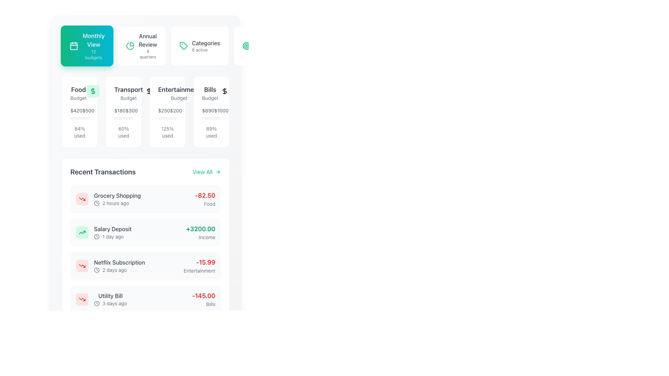  What do you see at coordinates (129, 98) in the screenshot?
I see `the text label displaying 'budget' in lowercase letters, styled in a smaller font size and muted gray color, located below the heading 'Transport' in the second column of a grid layout` at bounding box center [129, 98].